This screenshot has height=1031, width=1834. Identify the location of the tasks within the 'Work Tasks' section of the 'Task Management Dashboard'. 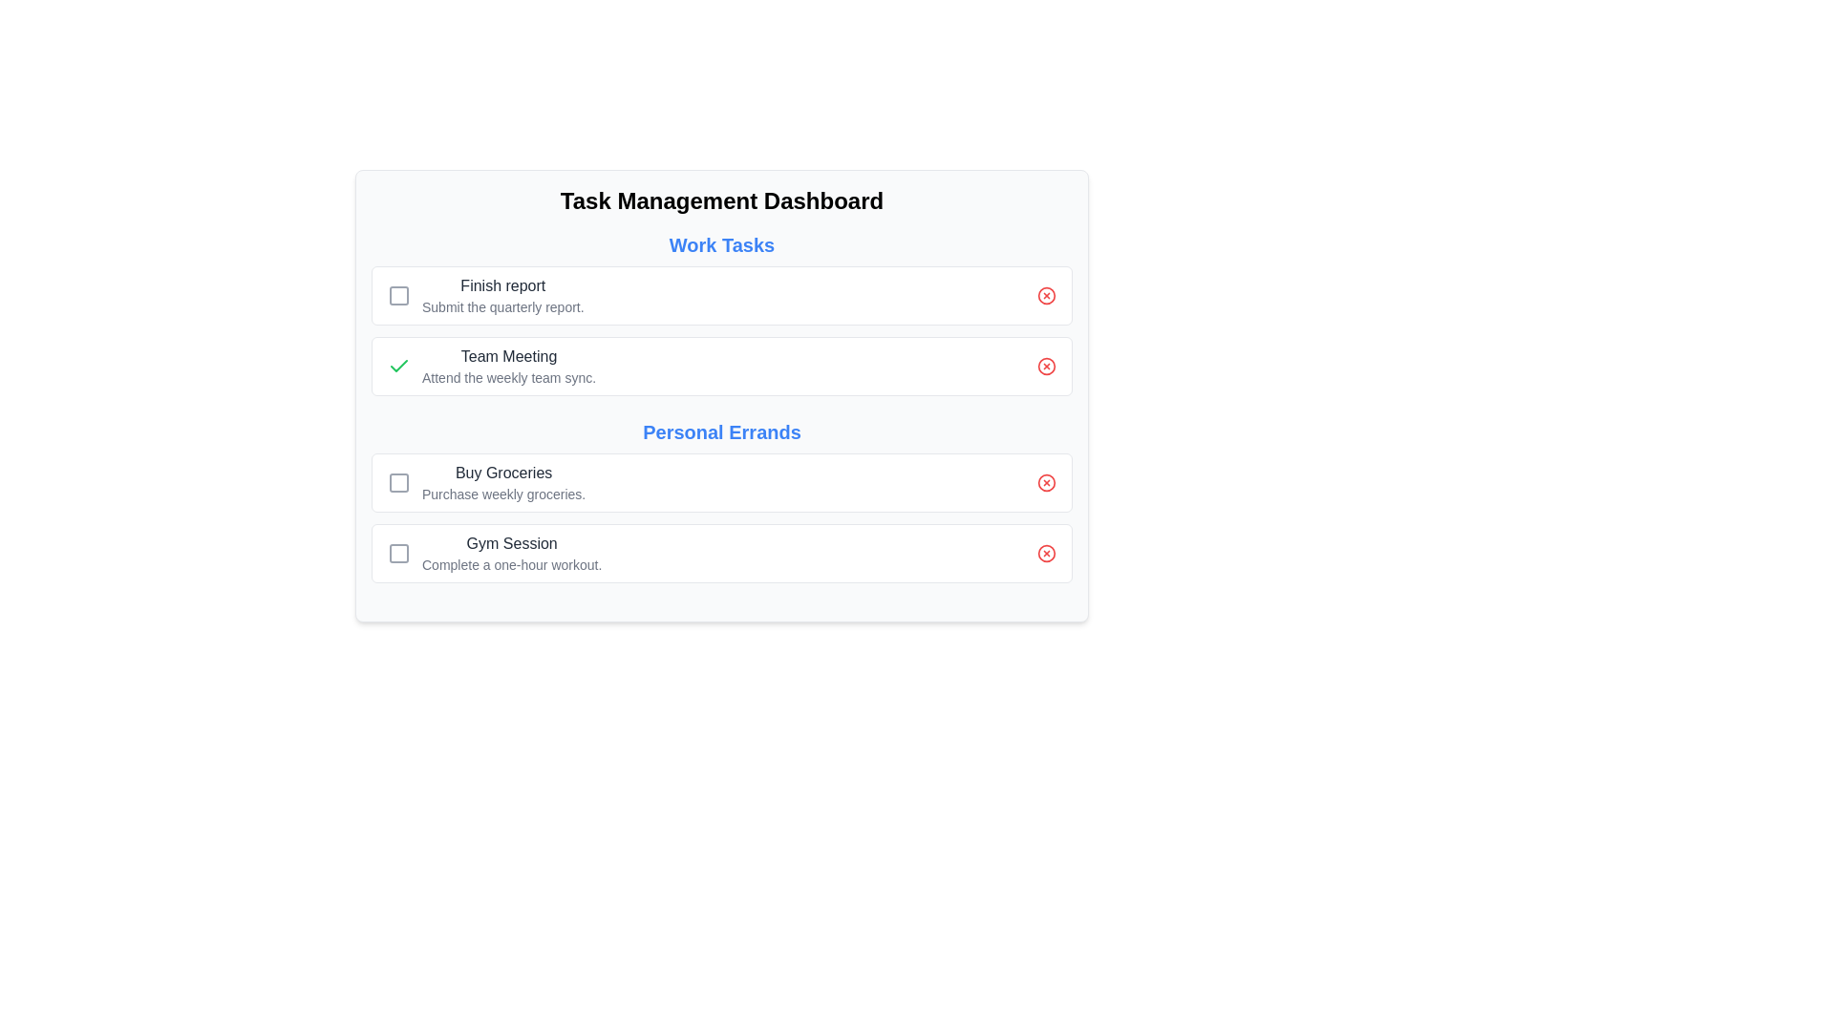
(720, 312).